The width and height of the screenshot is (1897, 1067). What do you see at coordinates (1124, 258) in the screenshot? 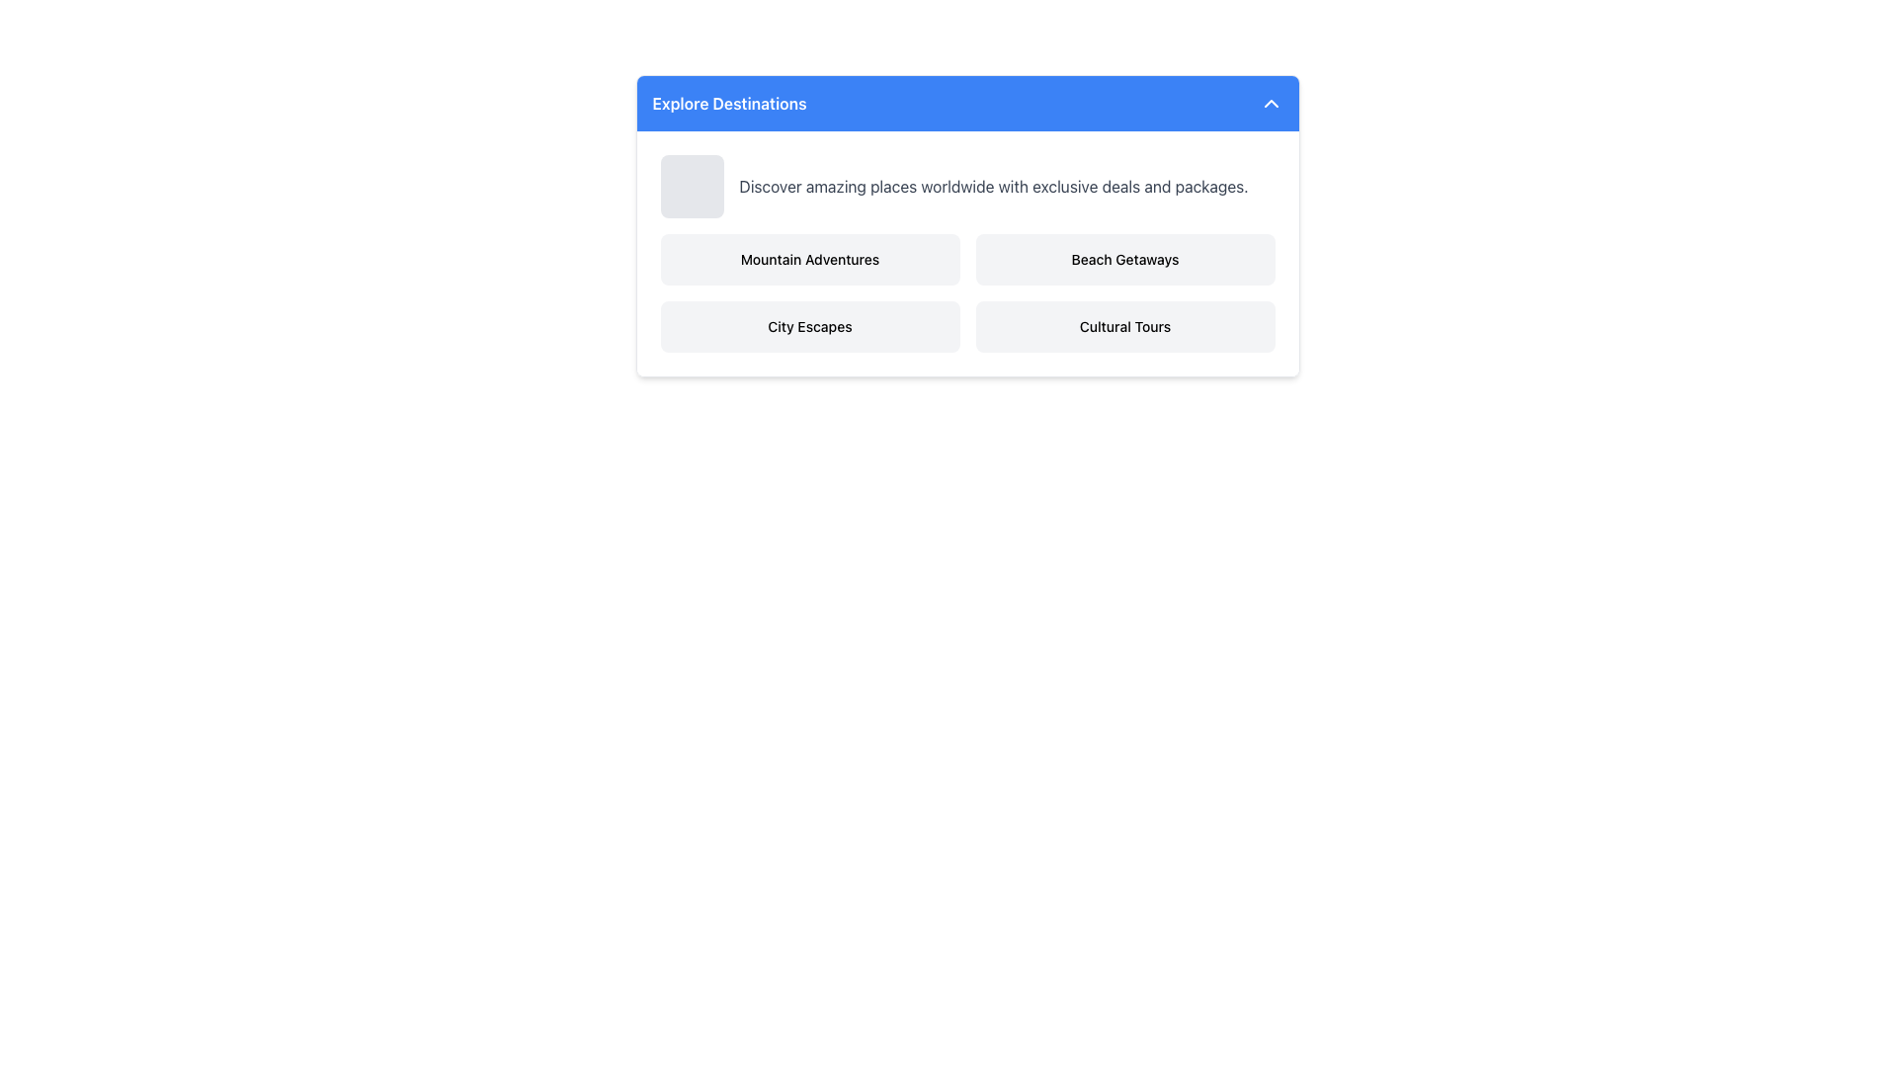
I see `the button labeled 'Beach Getaways' located in the top right corner of the grid under 'Explore Destinations'` at bounding box center [1124, 258].